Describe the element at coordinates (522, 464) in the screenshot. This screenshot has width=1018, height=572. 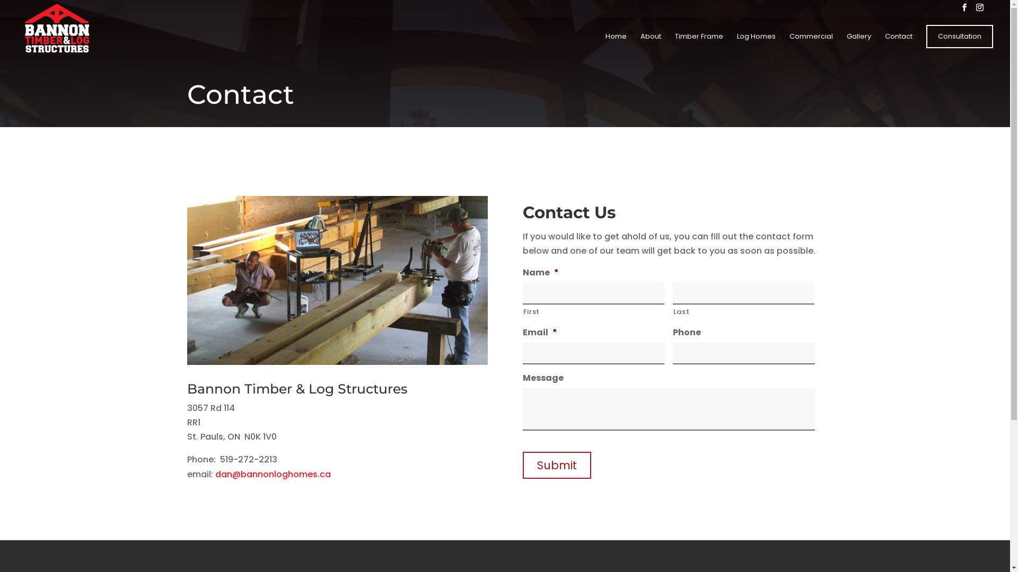
I see `'Submit'` at that location.